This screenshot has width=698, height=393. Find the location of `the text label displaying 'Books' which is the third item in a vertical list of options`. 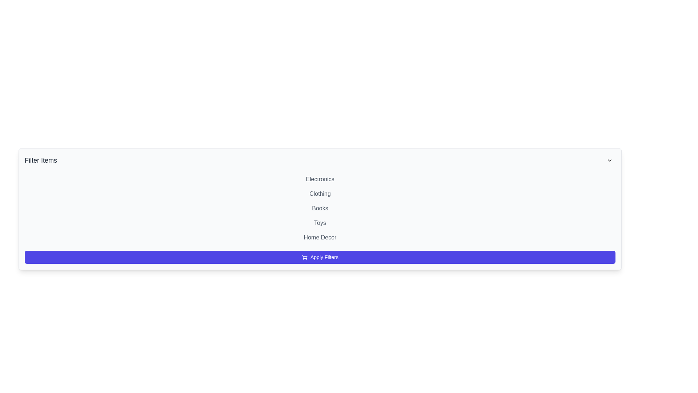

the text label displaying 'Books' which is the third item in a vertical list of options is located at coordinates (320, 209).